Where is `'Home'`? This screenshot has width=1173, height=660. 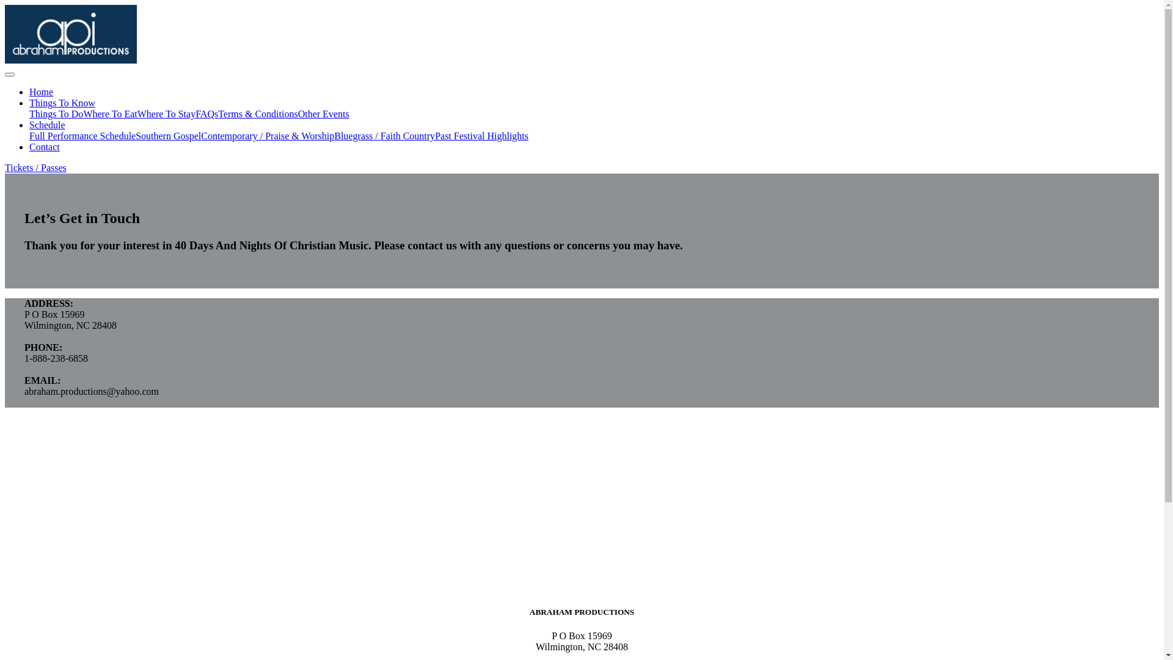 'Home' is located at coordinates (41, 91).